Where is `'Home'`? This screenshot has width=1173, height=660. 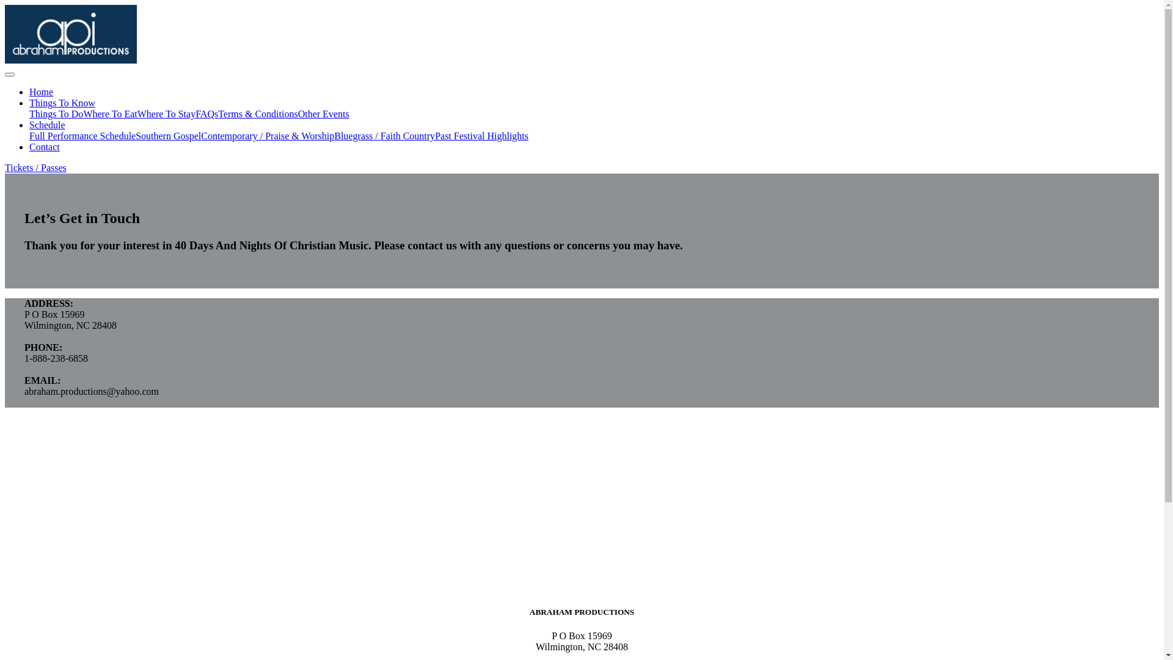 'Home' is located at coordinates (41, 91).